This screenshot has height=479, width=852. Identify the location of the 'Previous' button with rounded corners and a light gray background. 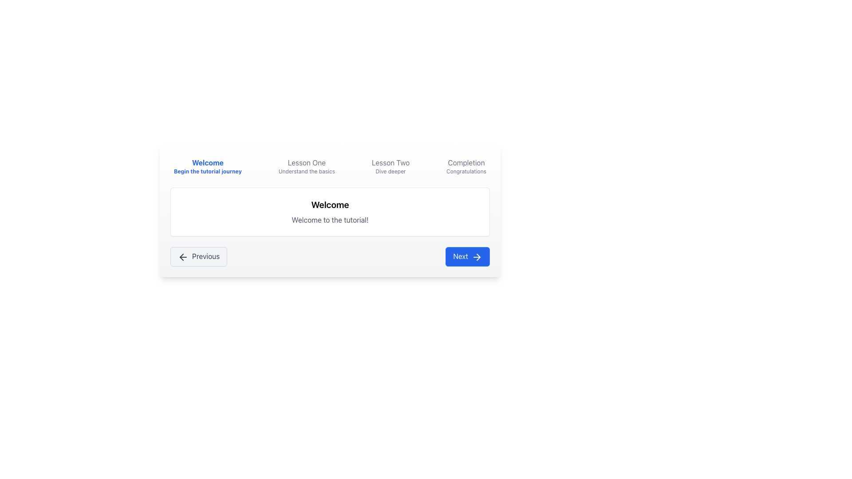
(198, 256).